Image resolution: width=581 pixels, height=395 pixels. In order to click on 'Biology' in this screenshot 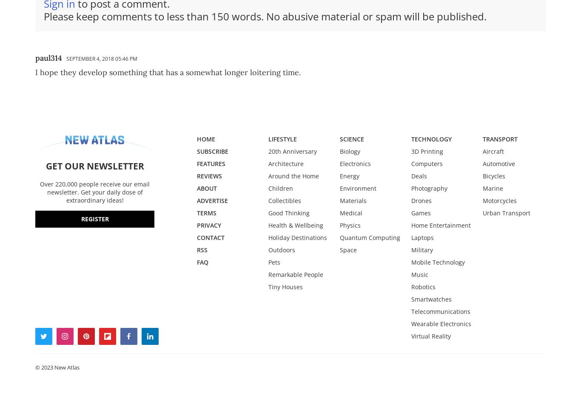, I will do `click(350, 150)`.